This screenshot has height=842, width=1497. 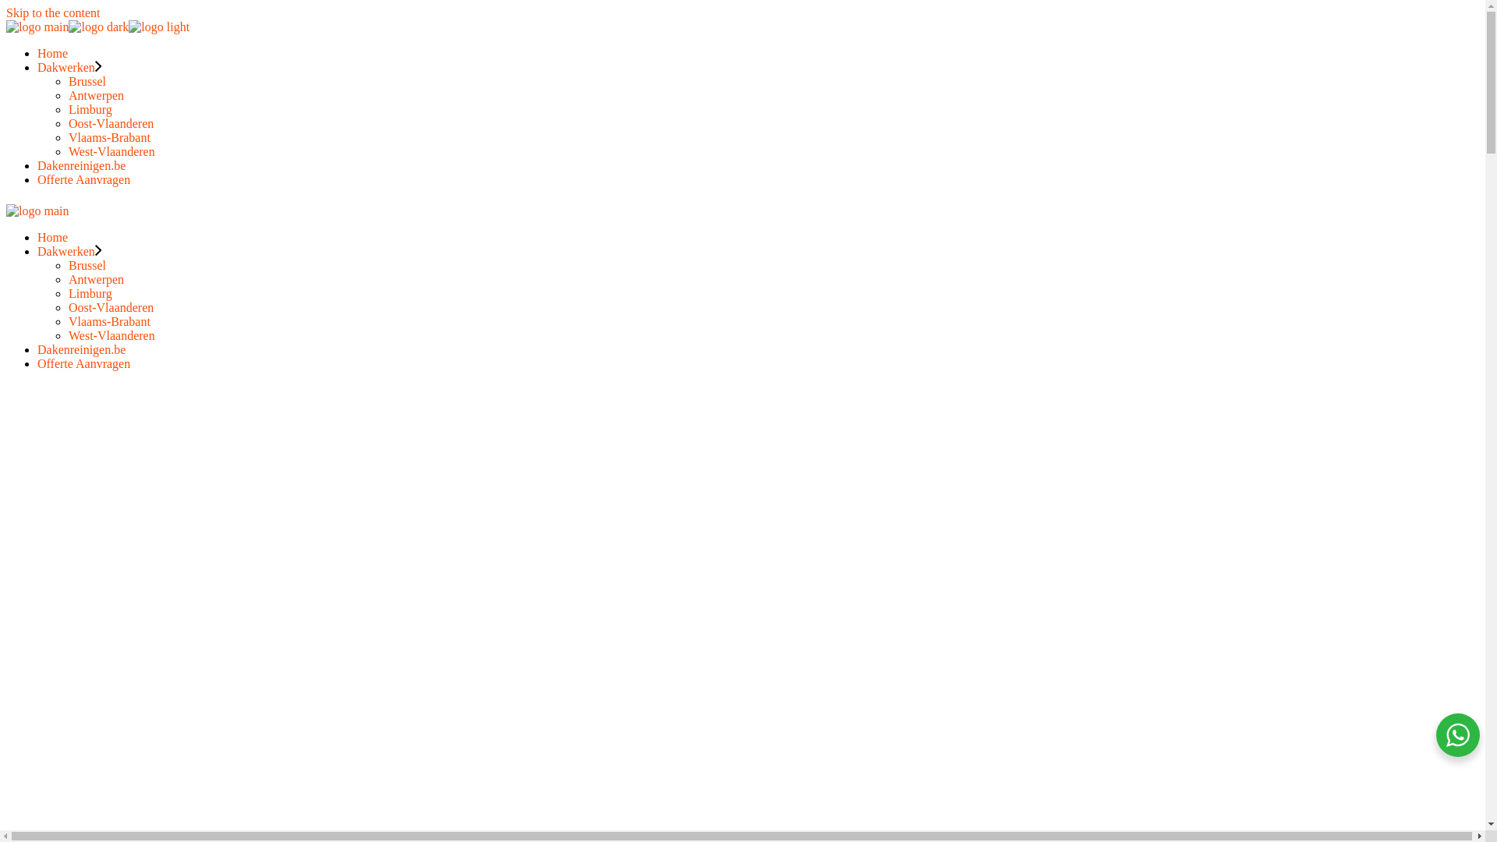 I want to click on 'West-Vlaanderen', so click(x=111, y=151).